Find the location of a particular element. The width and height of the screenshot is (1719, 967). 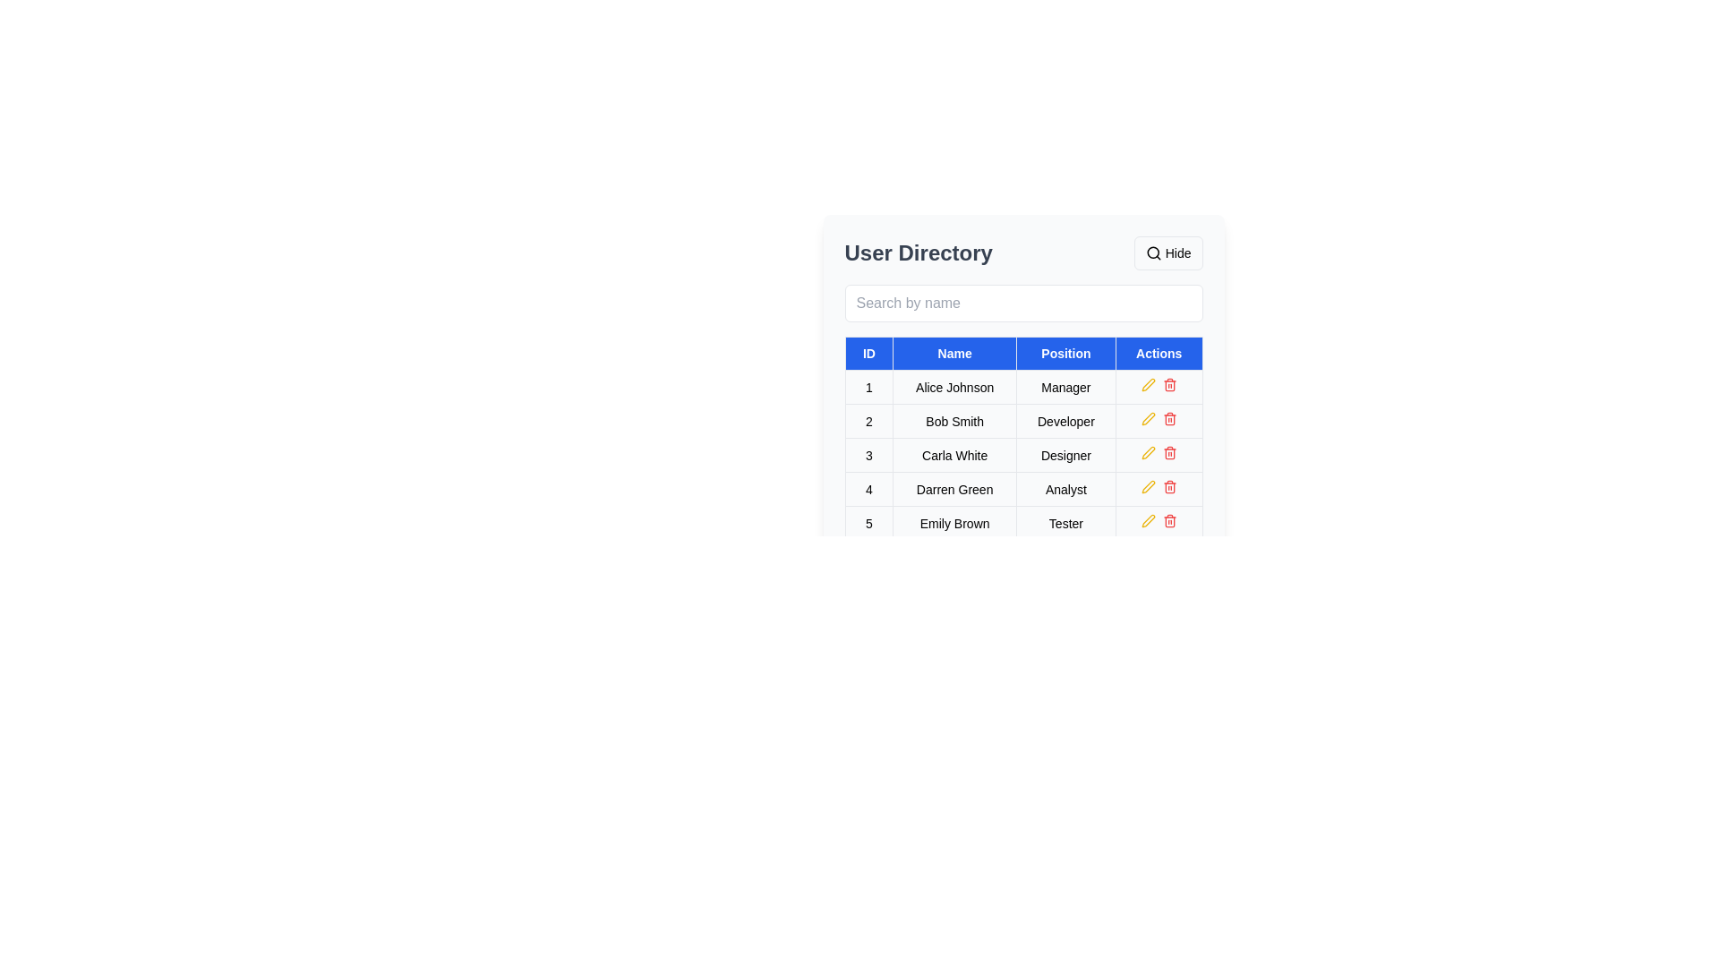

the table row containing information about 'Bob Smith' is located at coordinates (1023, 421).